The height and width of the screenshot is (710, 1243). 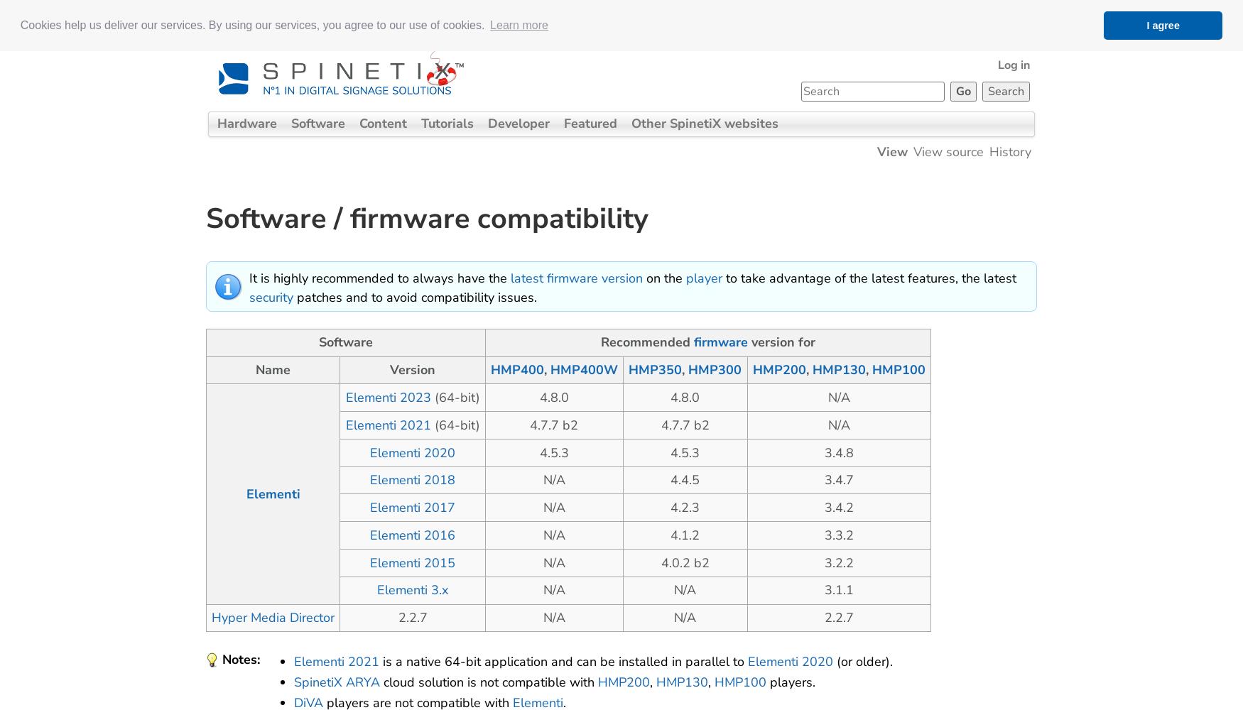 I want to click on '3.4.8', so click(x=837, y=452).